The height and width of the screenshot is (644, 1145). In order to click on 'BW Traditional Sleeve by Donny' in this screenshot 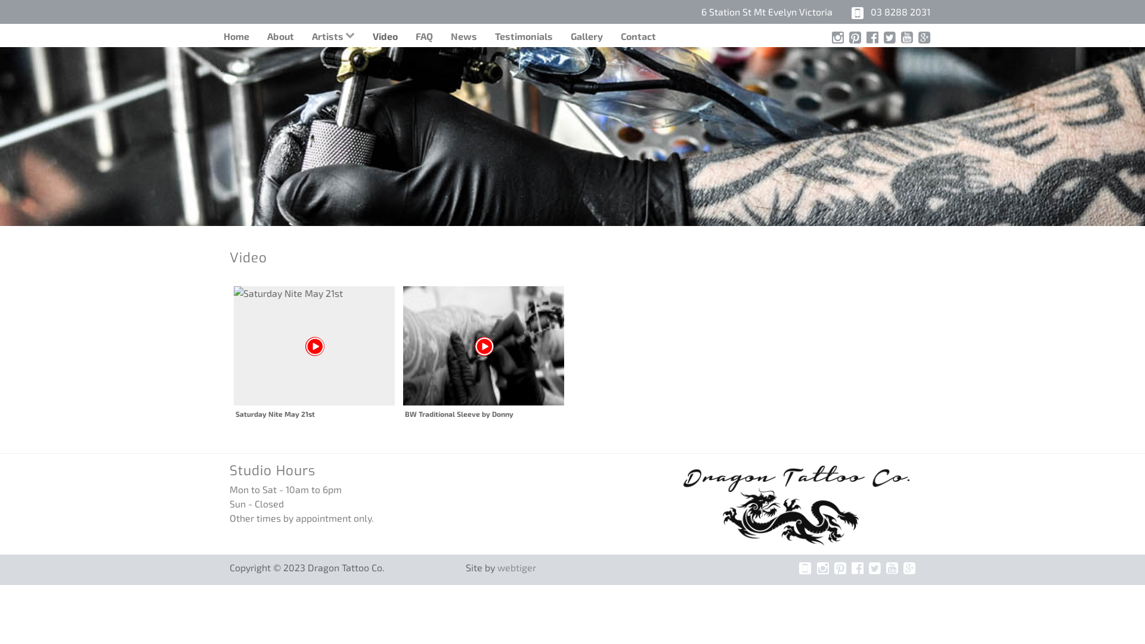, I will do `click(484, 352)`.